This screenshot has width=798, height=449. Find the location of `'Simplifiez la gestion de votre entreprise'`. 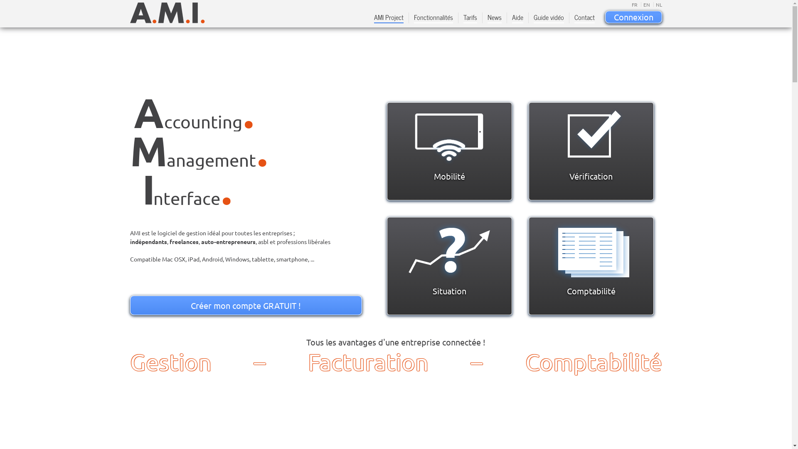

'Simplifiez la gestion de votre entreprise' is located at coordinates (590, 136).